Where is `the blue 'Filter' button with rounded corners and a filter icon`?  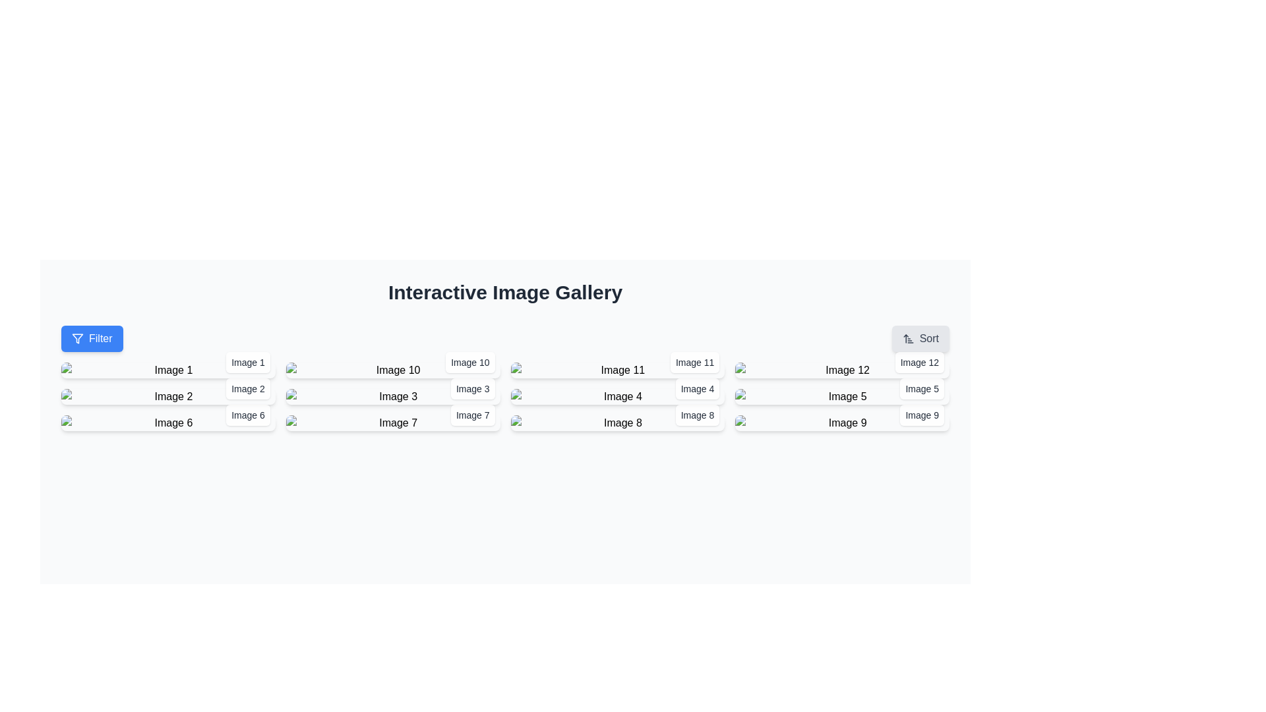 the blue 'Filter' button with rounded corners and a filter icon is located at coordinates (91, 338).